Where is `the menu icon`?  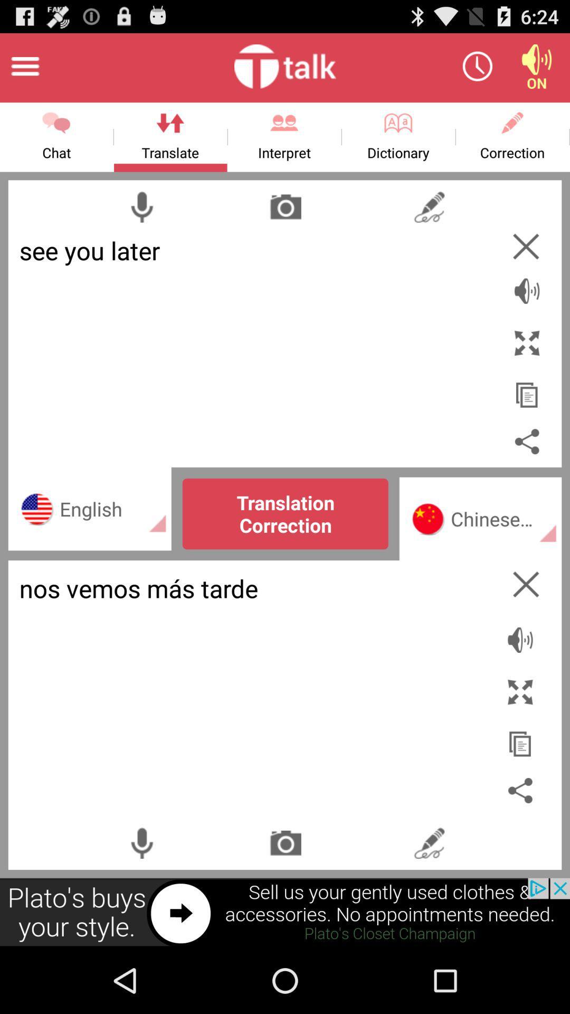
the menu icon is located at coordinates (24, 70).